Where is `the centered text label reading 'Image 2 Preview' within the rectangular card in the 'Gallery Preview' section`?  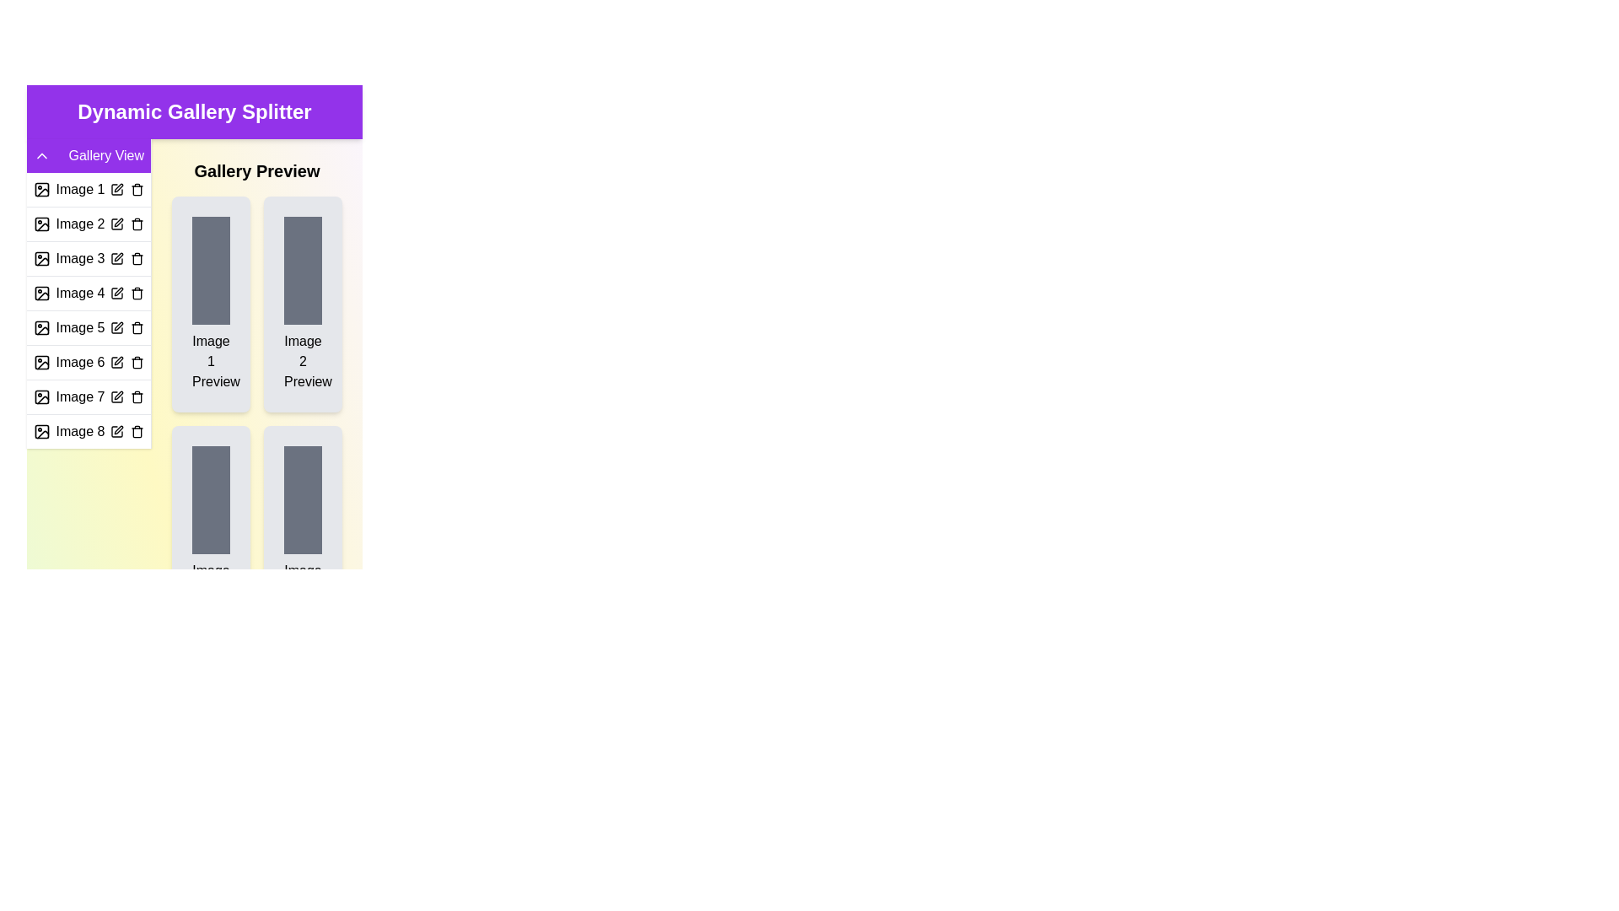
the centered text label reading 'Image 2 Preview' within the rectangular card in the 'Gallery Preview' section is located at coordinates (303, 360).